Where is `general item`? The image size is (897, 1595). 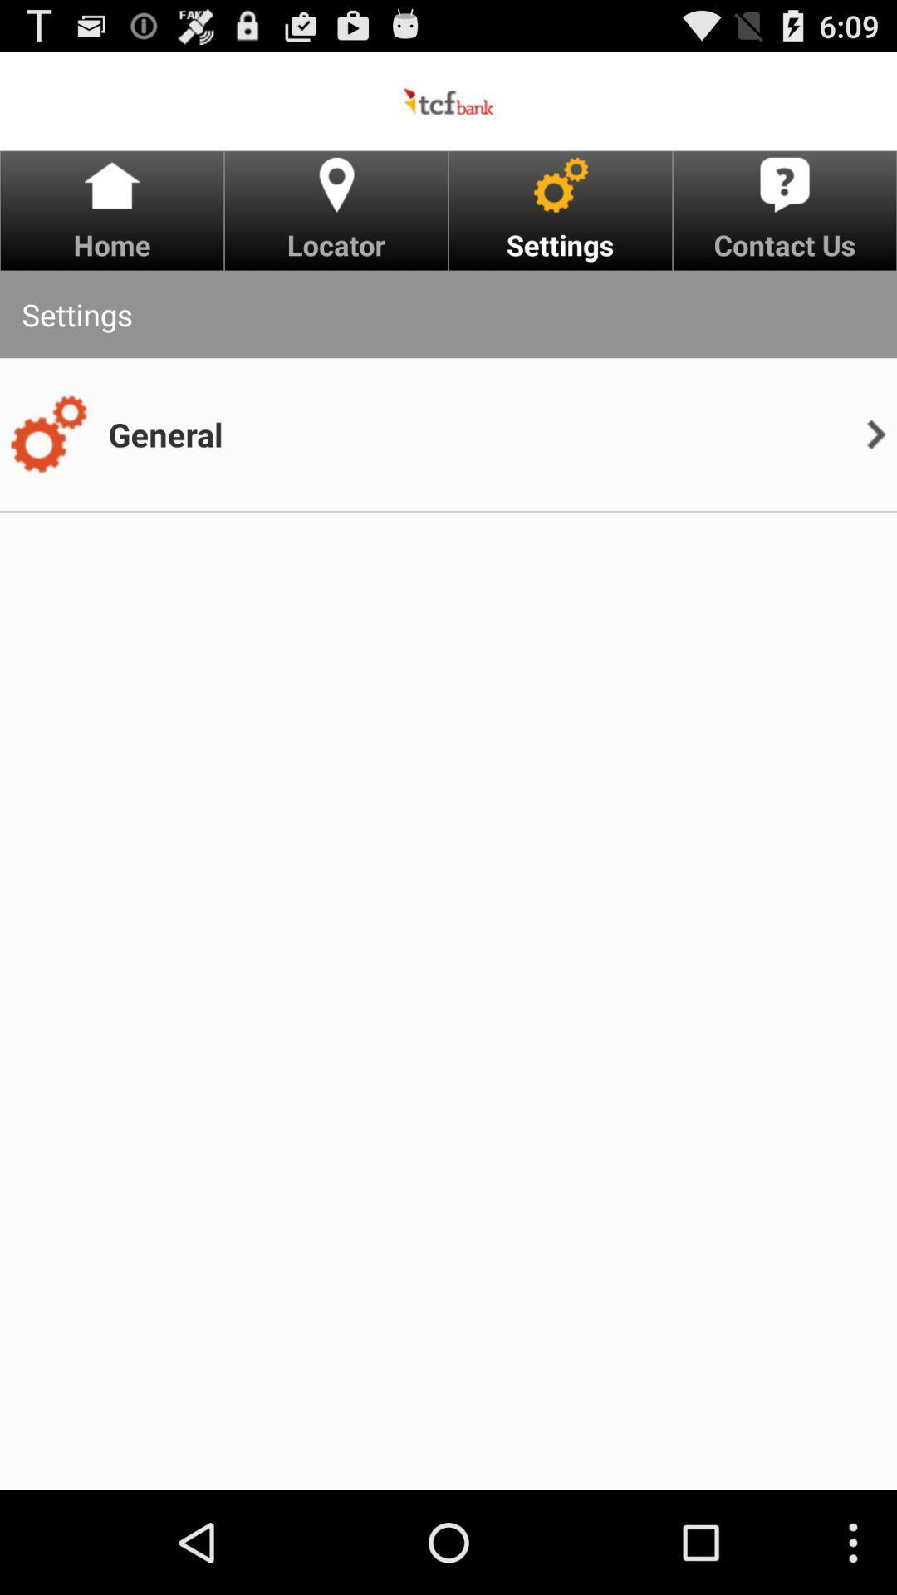 general item is located at coordinates (165, 434).